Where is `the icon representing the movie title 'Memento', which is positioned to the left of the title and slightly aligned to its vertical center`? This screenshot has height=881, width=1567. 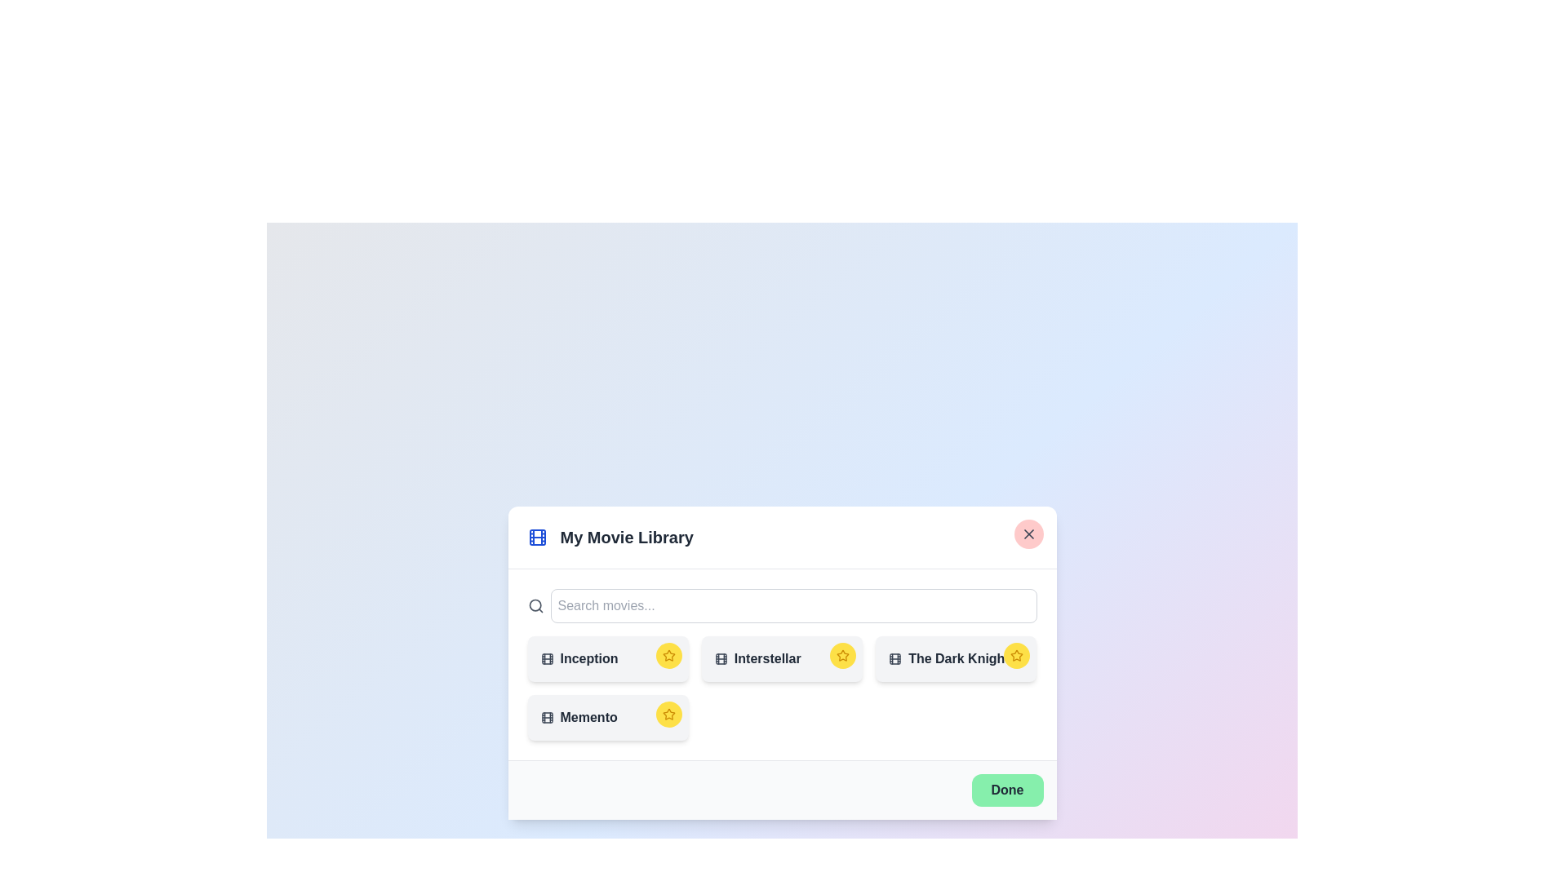 the icon representing the movie title 'Memento', which is positioned to the left of the title and slightly aligned to its vertical center is located at coordinates (547, 716).